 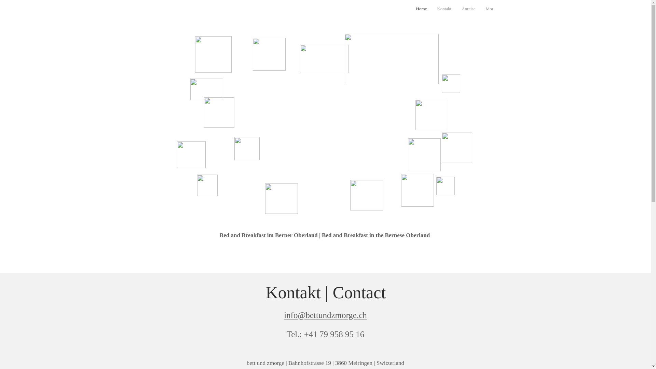 I want to click on 'Kontakt', so click(x=444, y=11).